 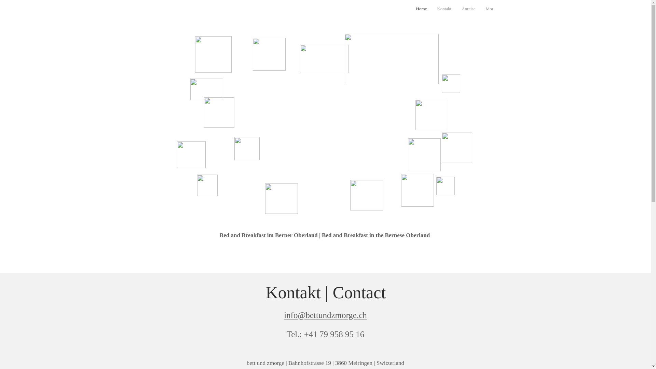 I want to click on 'Kontakt', so click(x=444, y=11).